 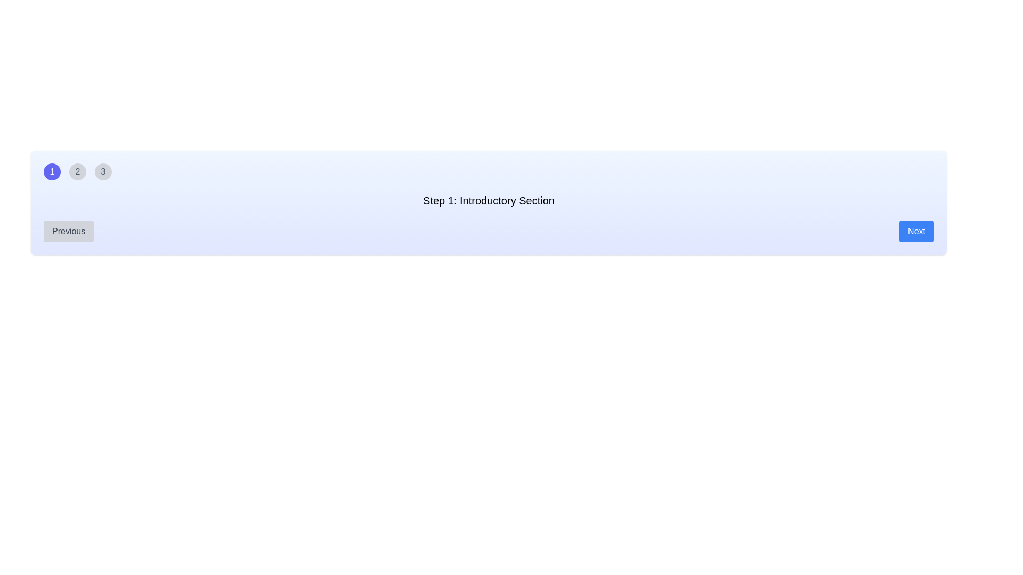 What do you see at coordinates (68, 231) in the screenshot?
I see `the disabled 'Previous' button located at the bottom-left corner of the interface` at bounding box center [68, 231].